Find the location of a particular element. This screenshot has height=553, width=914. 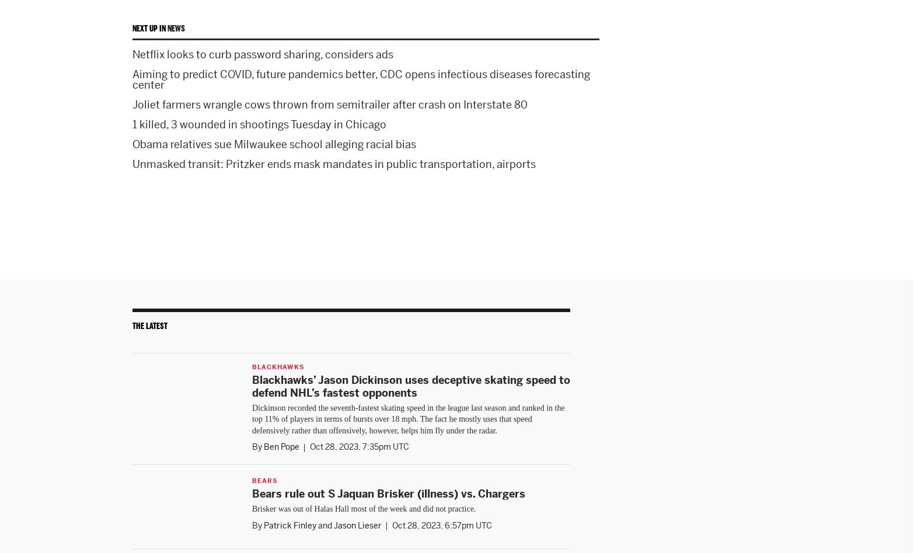

'Blackhawks' is located at coordinates (278, 365).